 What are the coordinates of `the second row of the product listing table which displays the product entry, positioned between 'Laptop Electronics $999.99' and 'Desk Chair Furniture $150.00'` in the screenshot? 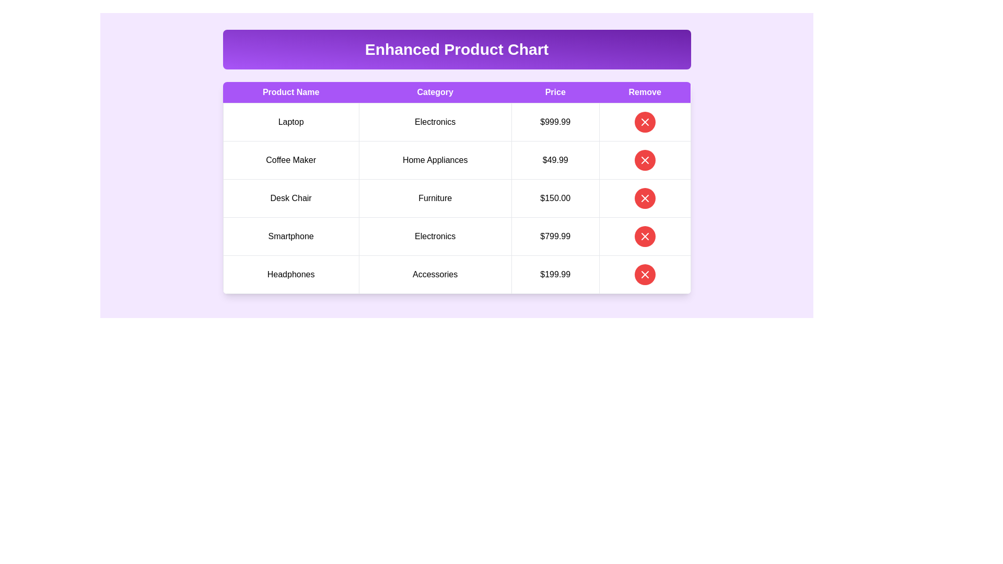 It's located at (457, 160).